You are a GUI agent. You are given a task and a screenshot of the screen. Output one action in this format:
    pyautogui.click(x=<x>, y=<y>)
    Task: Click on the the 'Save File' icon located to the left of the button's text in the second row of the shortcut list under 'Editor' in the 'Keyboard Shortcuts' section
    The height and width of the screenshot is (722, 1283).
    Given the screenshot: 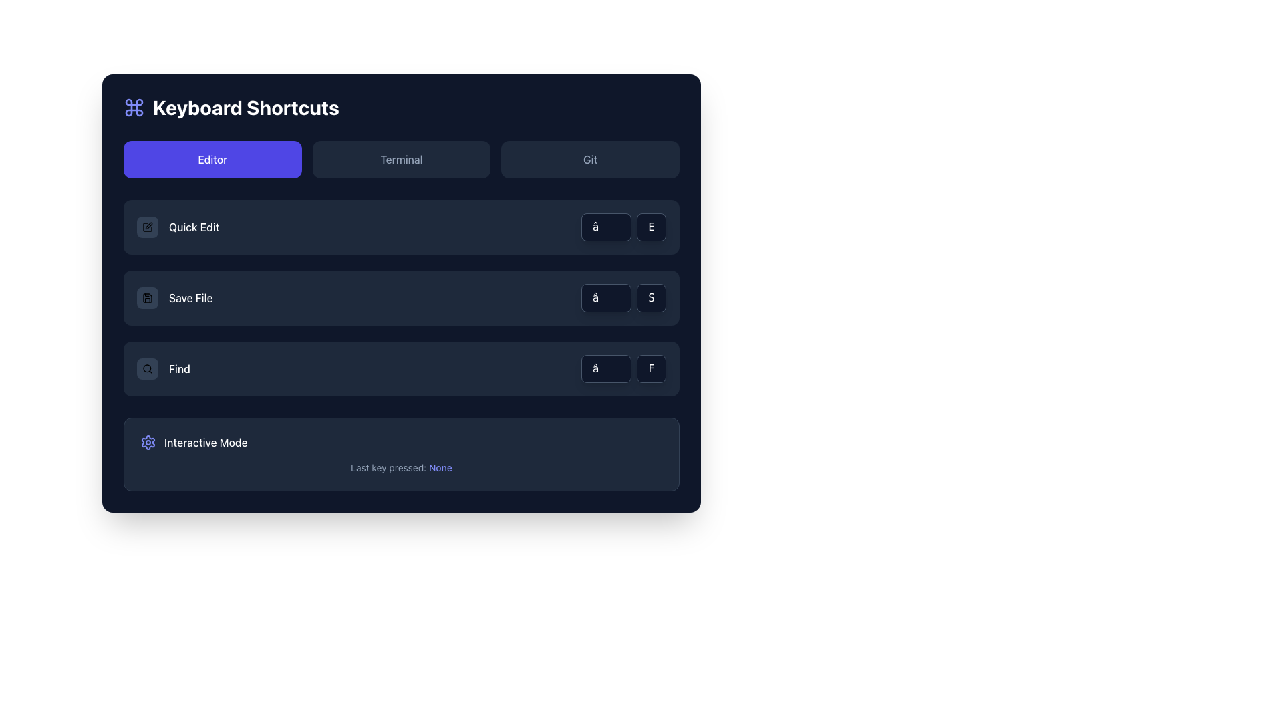 What is the action you would take?
    pyautogui.click(x=147, y=297)
    